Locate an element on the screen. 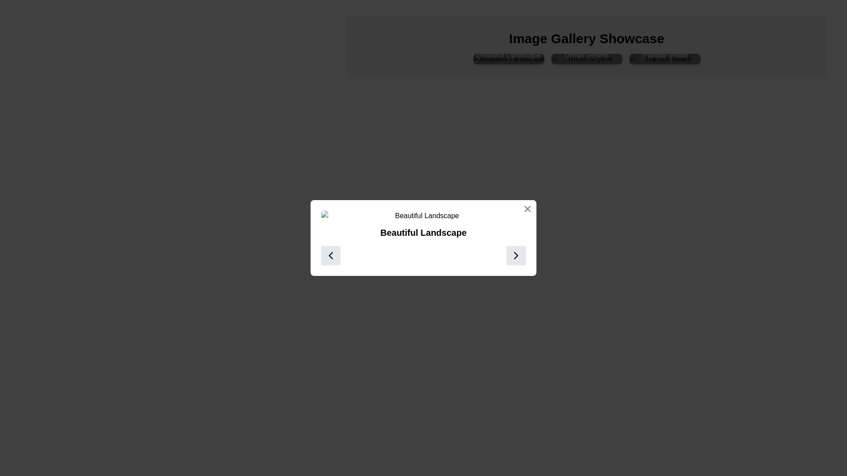  the backwards navigation button (SVG Navigation Control) located to the left of the title 'Beautiful Landscape' in the modal dialog box is located at coordinates (330, 255).